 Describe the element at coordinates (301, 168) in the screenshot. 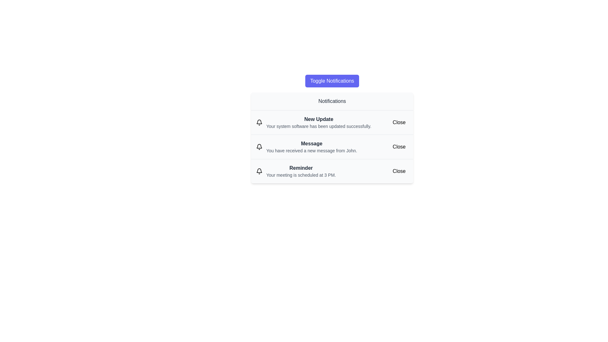

I see `the static text element displaying the bolded text 'Reminder', which is styled with a dark gray font and larger font size, positioned above the secondary text 'Your meeting is scheduled at 3 PM.'` at that location.